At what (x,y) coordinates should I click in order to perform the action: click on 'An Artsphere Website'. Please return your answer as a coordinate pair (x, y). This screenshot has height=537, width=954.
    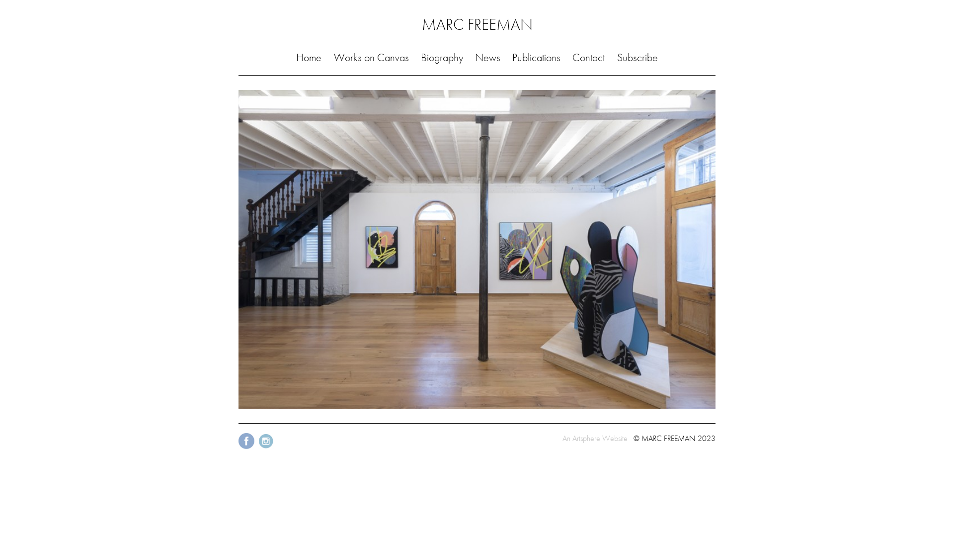
    Looking at the image, I should click on (562, 438).